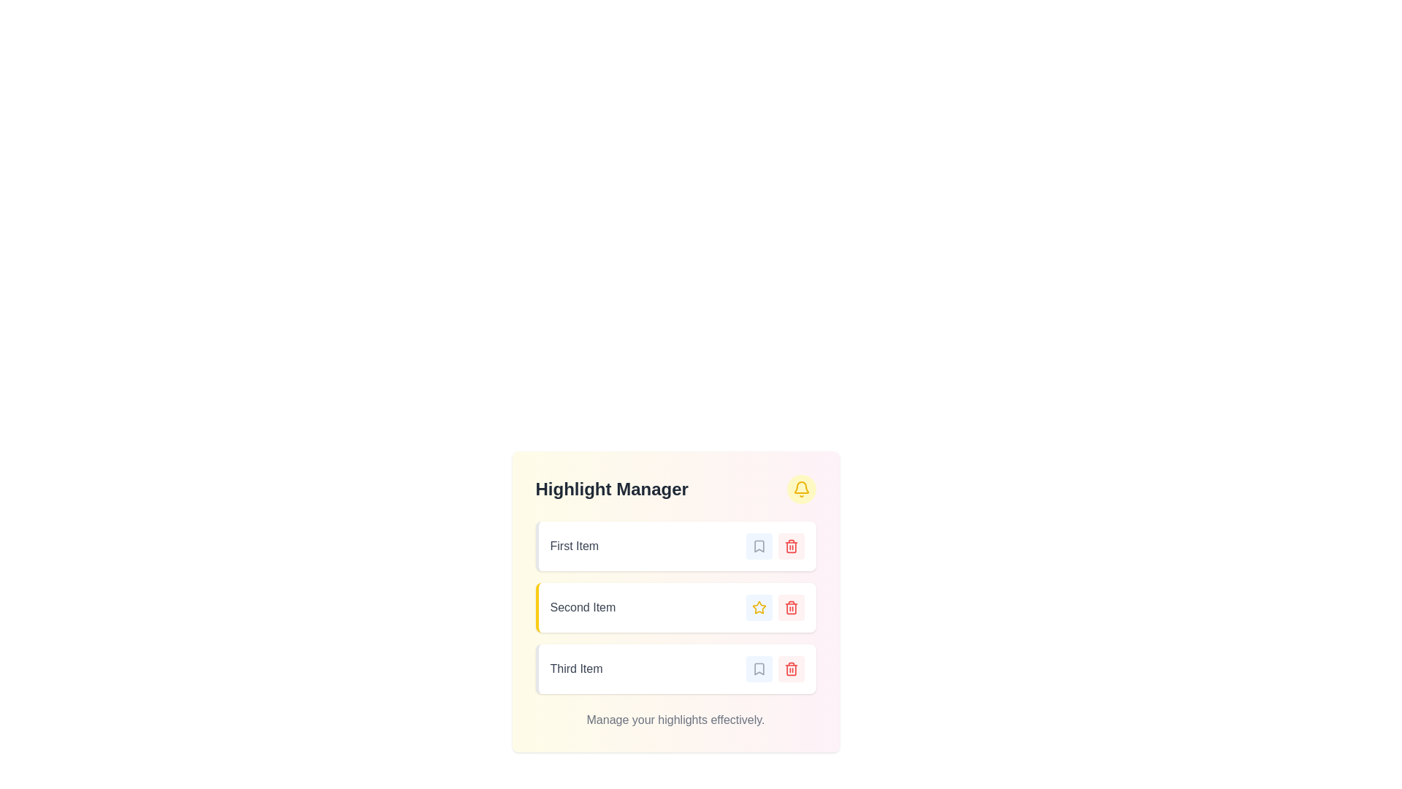 The height and width of the screenshot is (789, 1402). Describe the element at coordinates (582, 608) in the screenshot. I see `the second text label in the 'Highlight Manager' interface, which identifies the second item in a vertical list` at that location.